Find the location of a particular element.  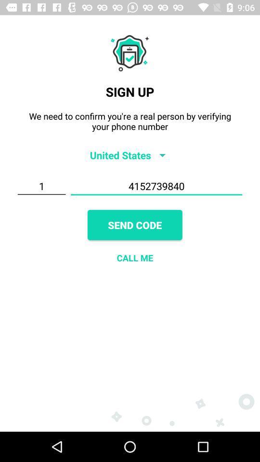

the icon next to the 4152739840 icon is located at coordinates (41, 186).